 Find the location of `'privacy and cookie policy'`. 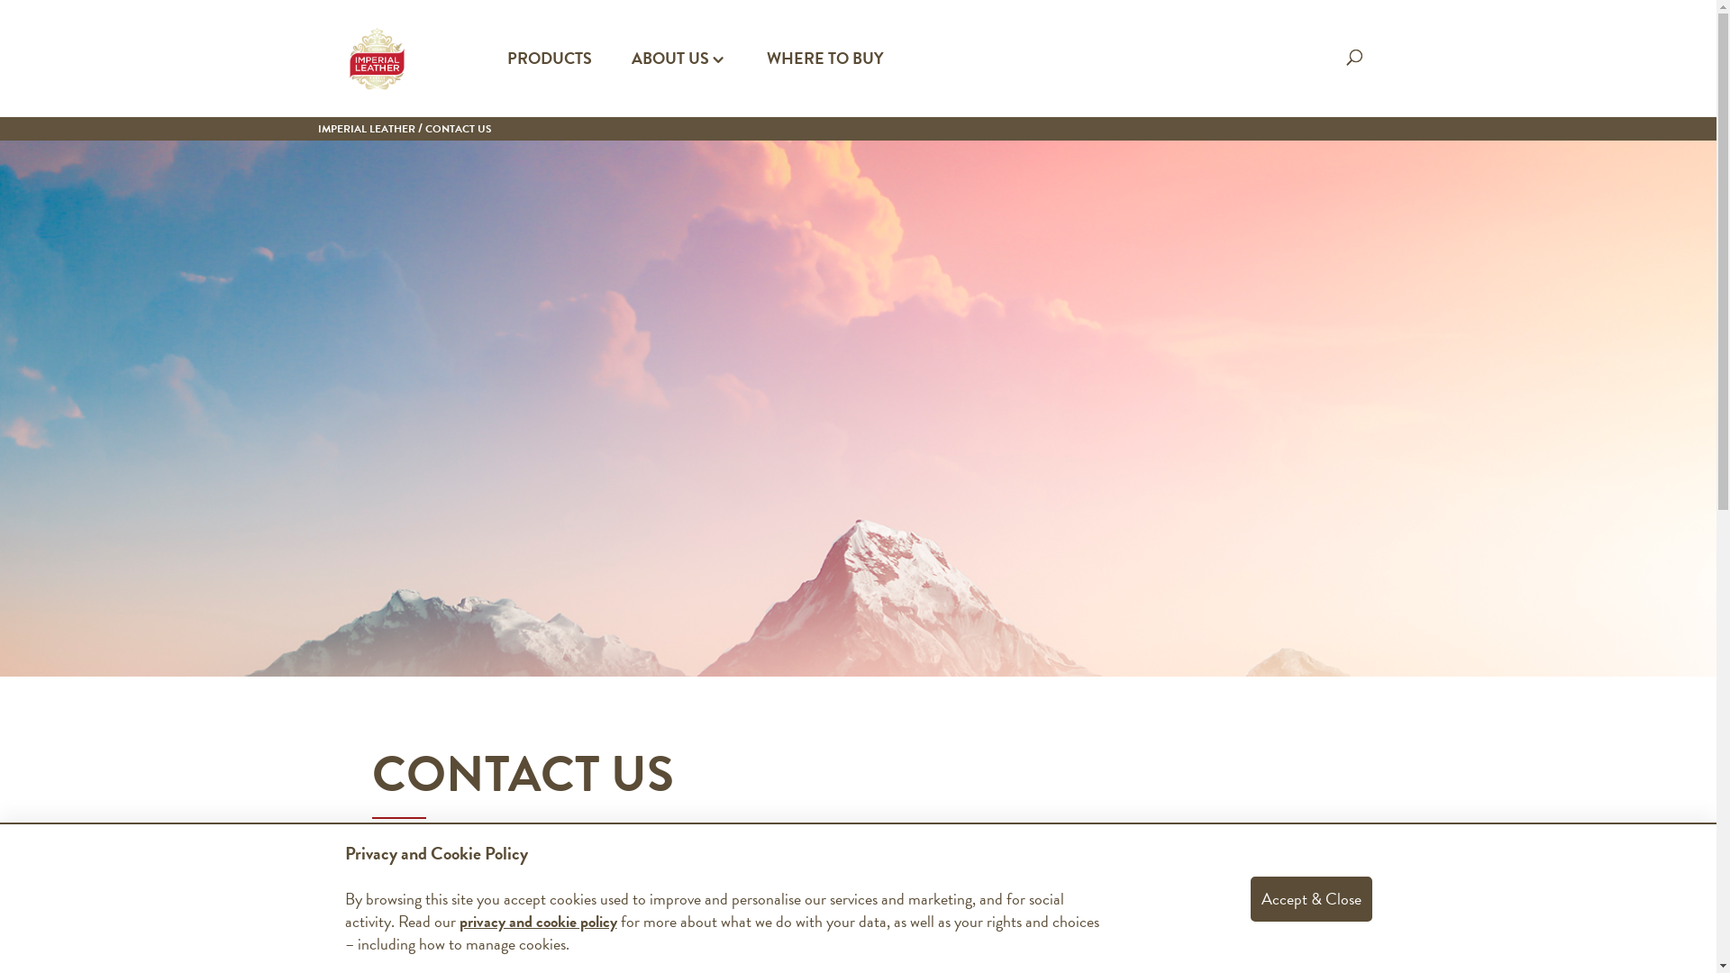

'privacy and cookie policy' is located at coordinates (459, 921).